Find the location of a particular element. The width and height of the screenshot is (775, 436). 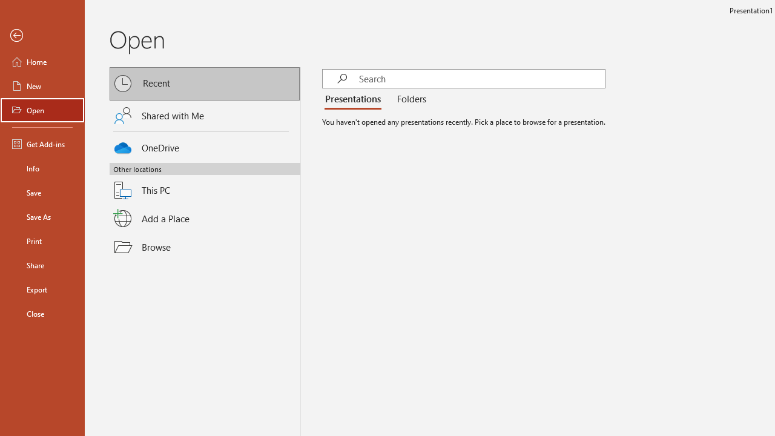

'Presentations' is located at coordinates (355, 99).